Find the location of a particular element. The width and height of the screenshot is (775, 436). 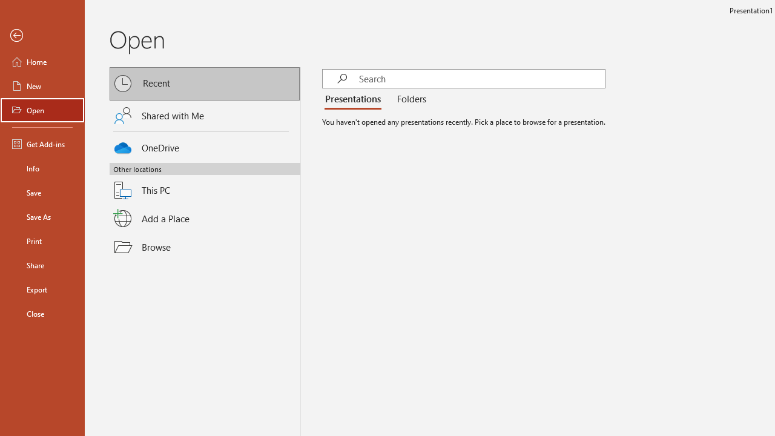

'Presentations' is located at coordinates (355, 99).